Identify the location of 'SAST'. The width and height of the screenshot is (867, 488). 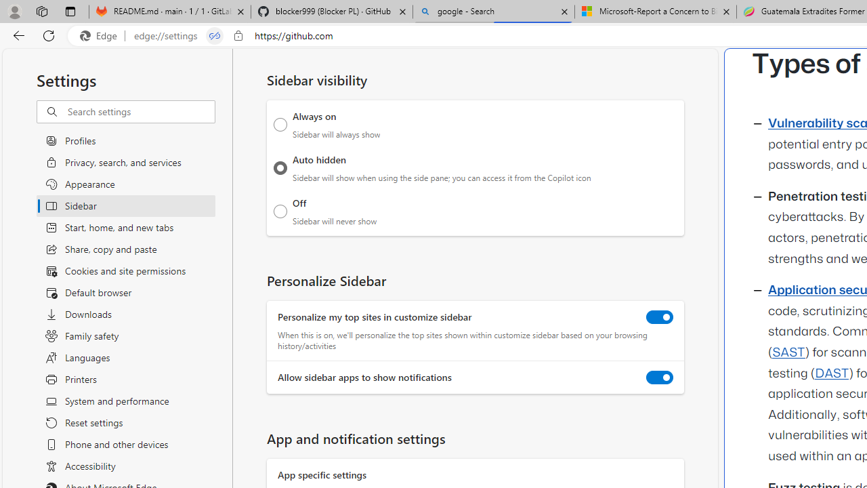
(788, 352).